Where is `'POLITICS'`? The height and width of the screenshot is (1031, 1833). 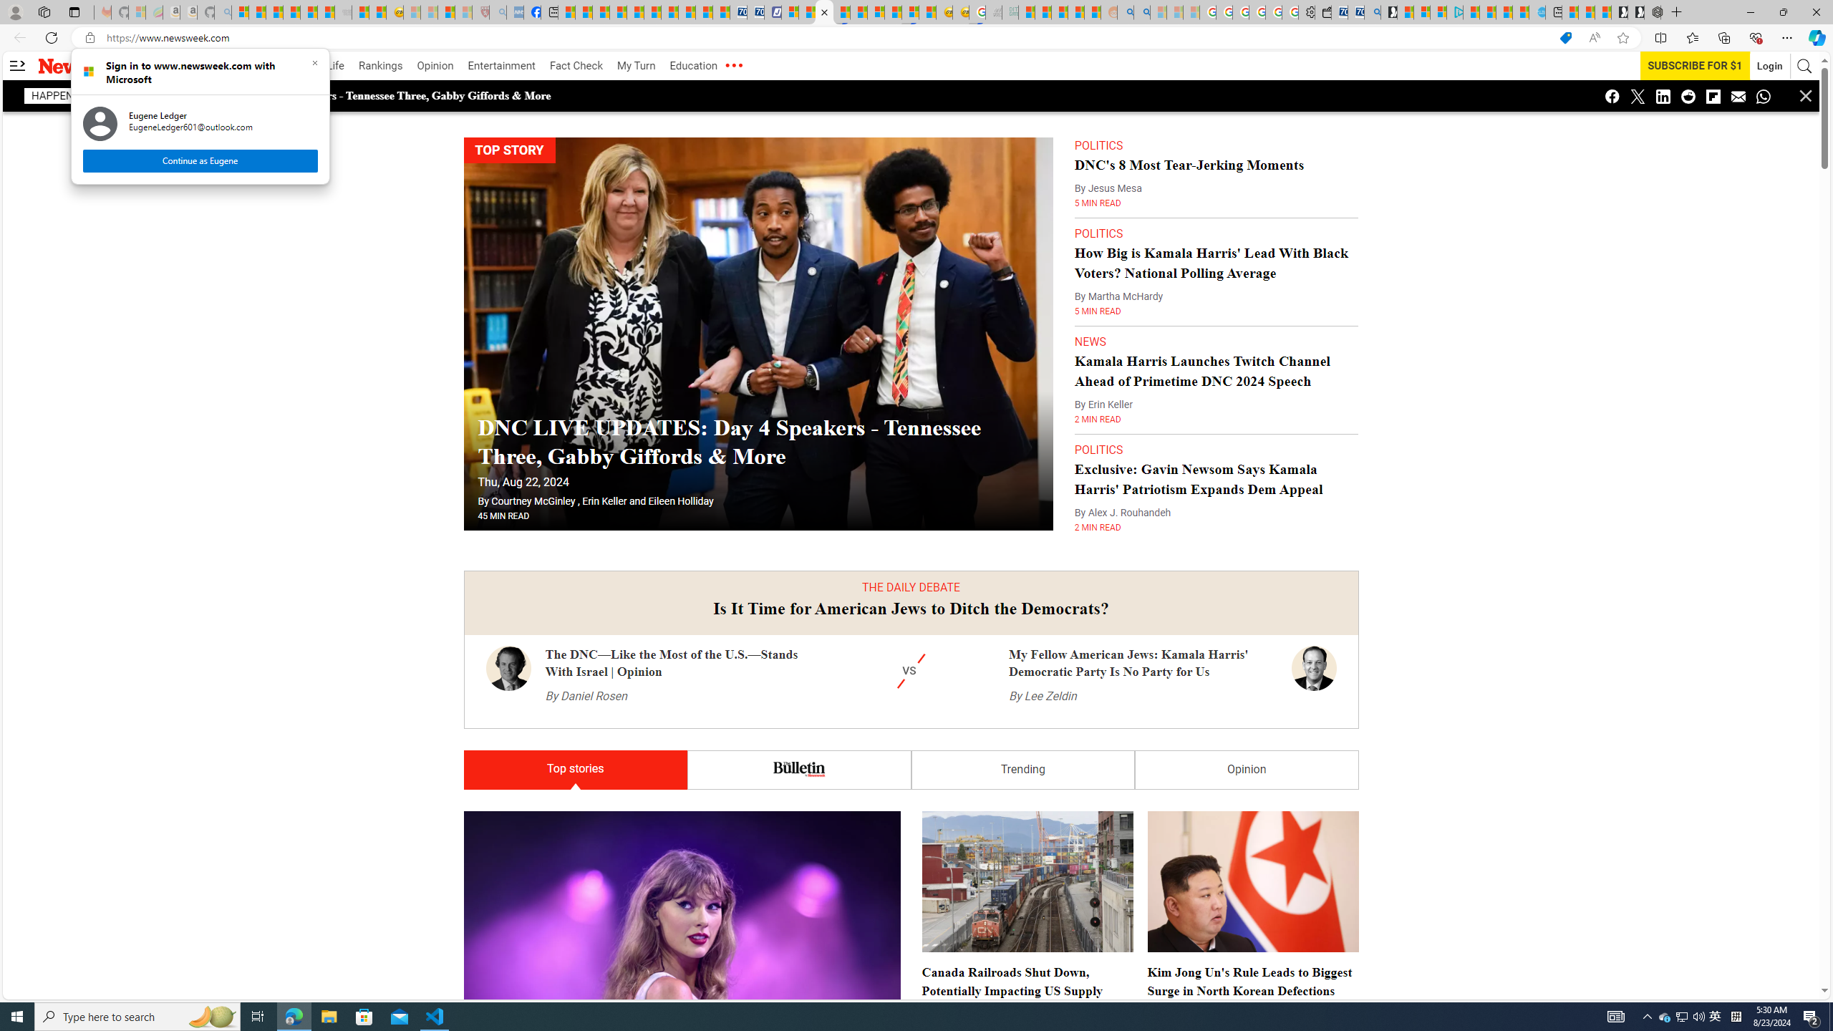
'POLITICS' is located at coordinates (1098, 450).